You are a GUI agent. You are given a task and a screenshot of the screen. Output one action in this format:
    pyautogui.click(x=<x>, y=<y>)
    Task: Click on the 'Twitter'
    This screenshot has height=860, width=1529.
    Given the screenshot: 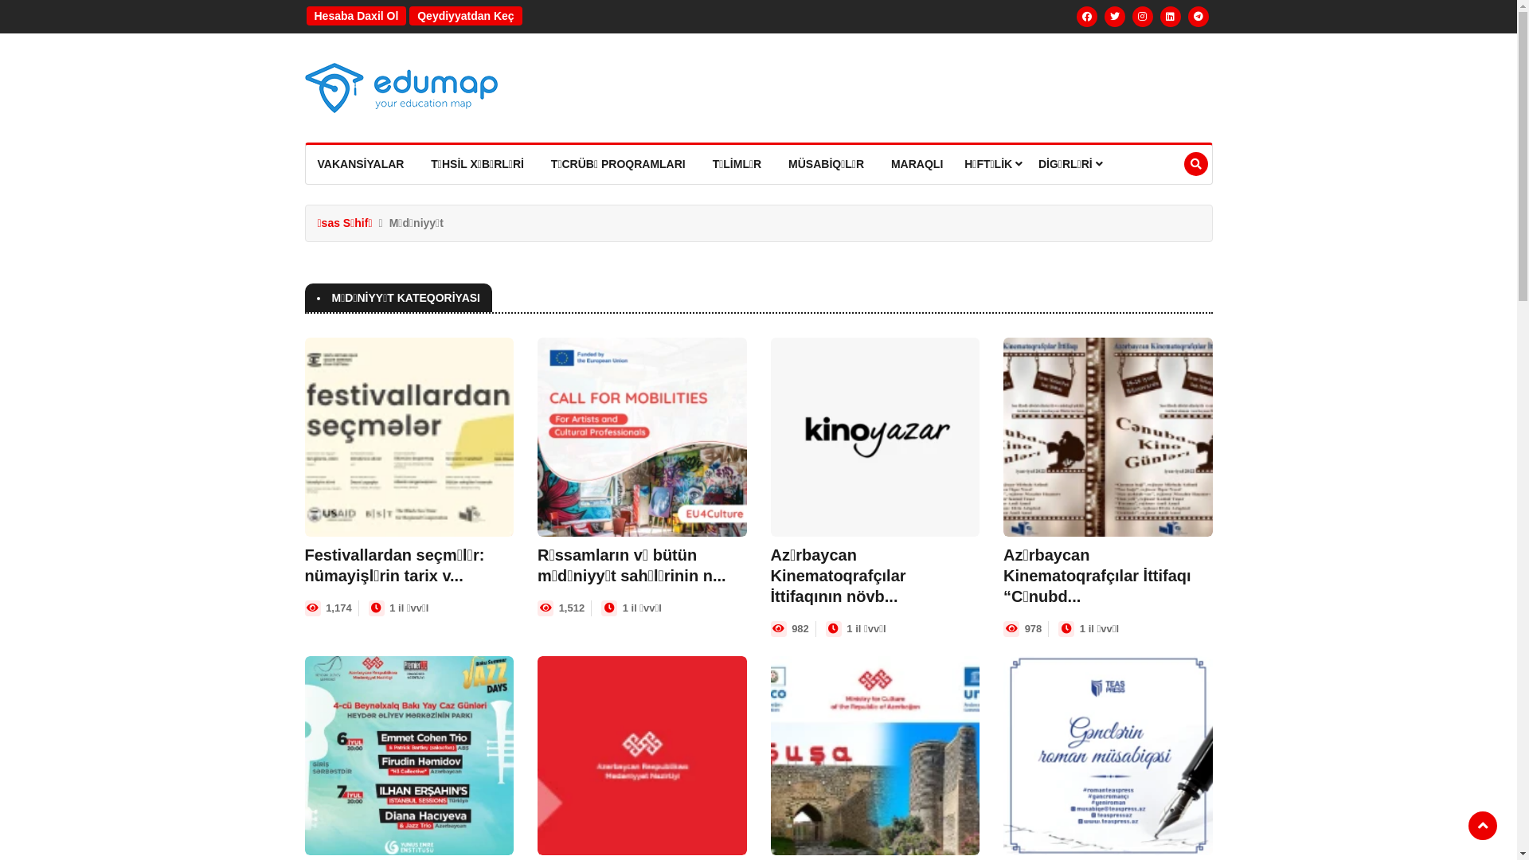 What is the action you would take?
    pyautogui.click(x=1114, y=16)
    